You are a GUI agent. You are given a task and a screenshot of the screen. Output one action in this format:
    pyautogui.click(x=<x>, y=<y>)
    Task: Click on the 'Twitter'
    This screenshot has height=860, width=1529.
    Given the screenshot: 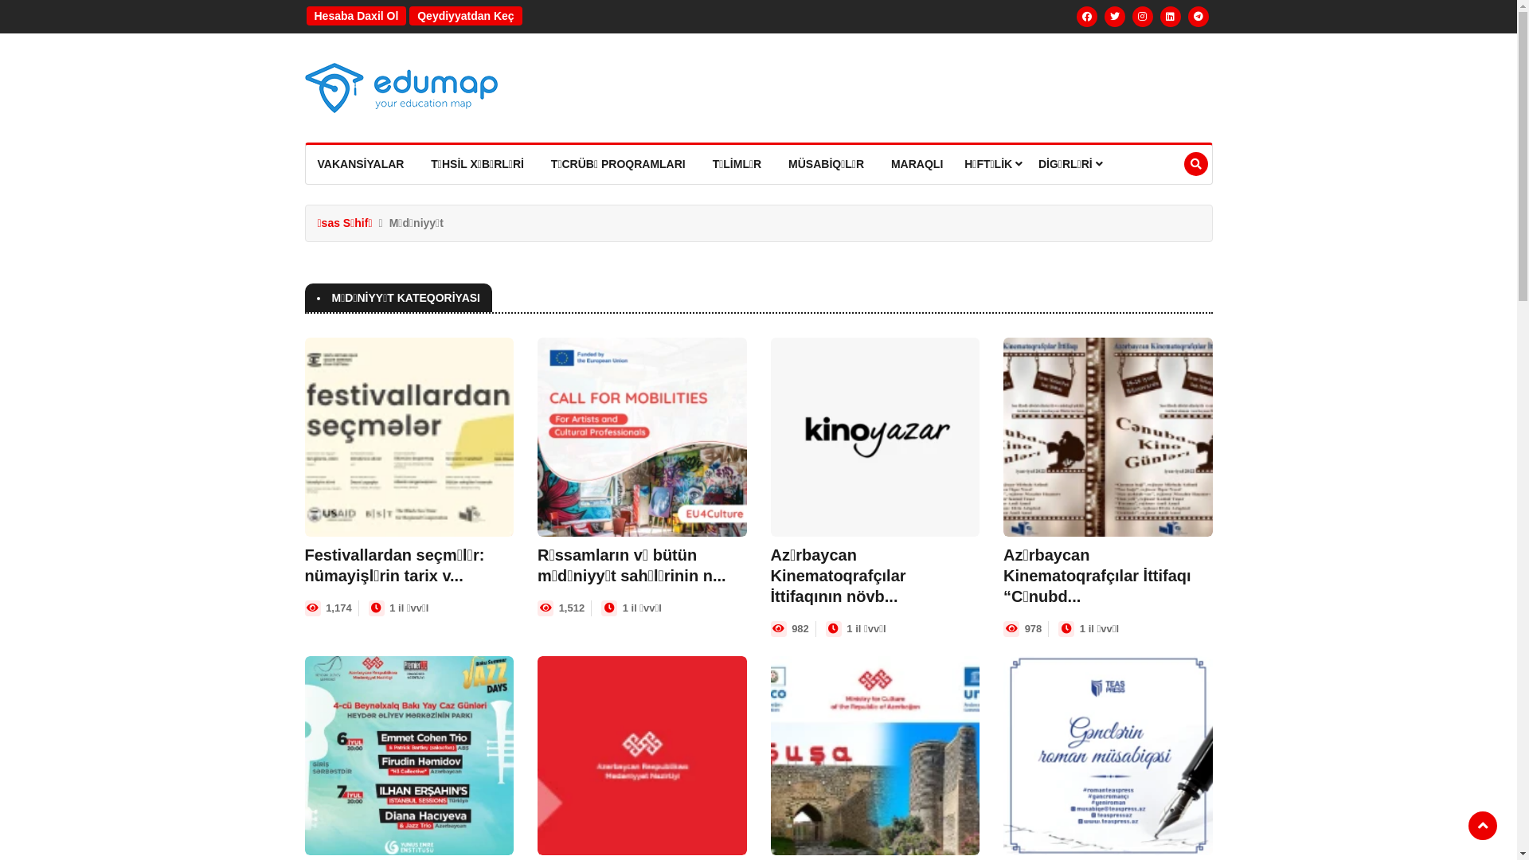 What is the action you would take?
    pyautogui.click(x=1114, y=16)
    